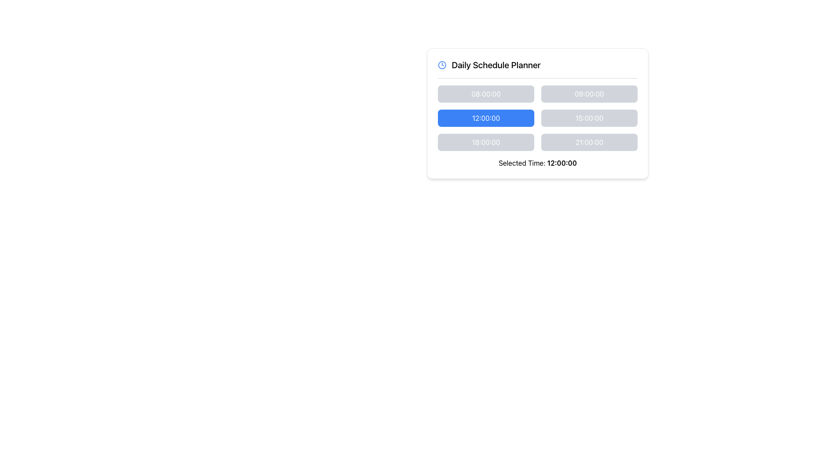 This screenshot has width=830, height=466. I want to click on the third time button labeled '12:00:00' in the schedule planner, so click(486, 118).